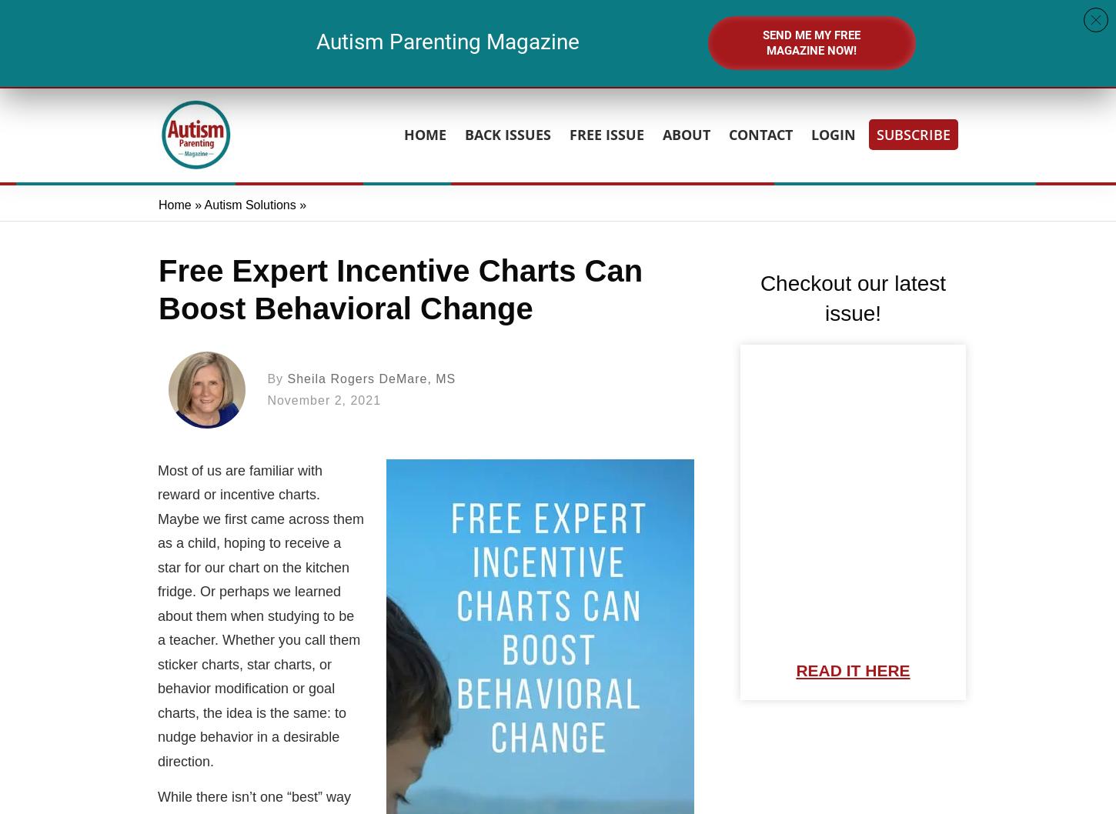 The image size is (1116, 814). Describe the element at coordinates (474, 62) in the screenshot. I see `'Days'` at that location.